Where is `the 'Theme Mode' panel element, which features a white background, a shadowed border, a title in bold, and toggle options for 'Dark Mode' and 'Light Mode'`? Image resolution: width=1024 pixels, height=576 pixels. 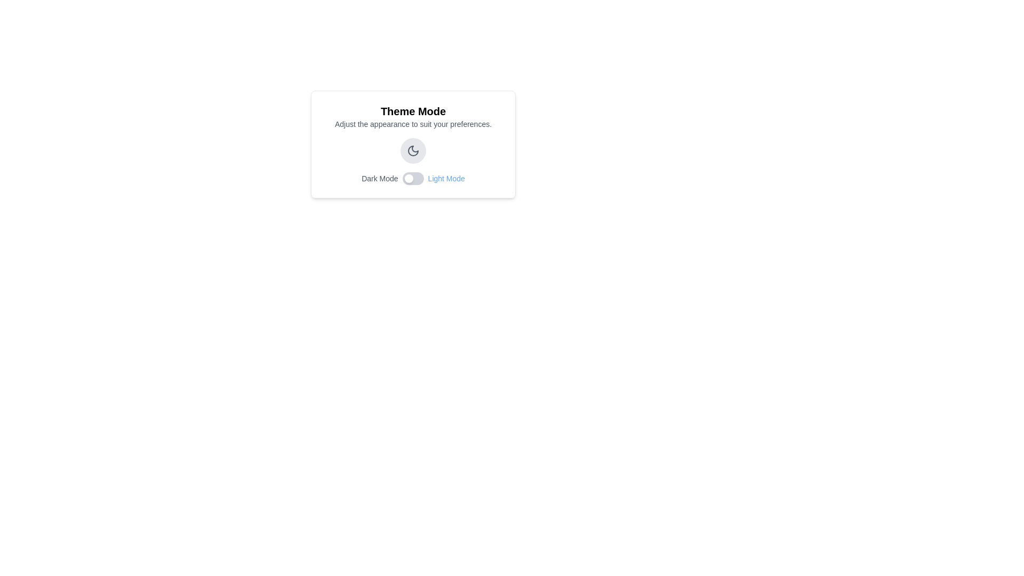
the 'Theme Mode' panel element, which features a white background, a shadowed border, a title in bold, and toggle options for 'Dark Mode' and 'Light Mode' is located at coordinates (412, 144).